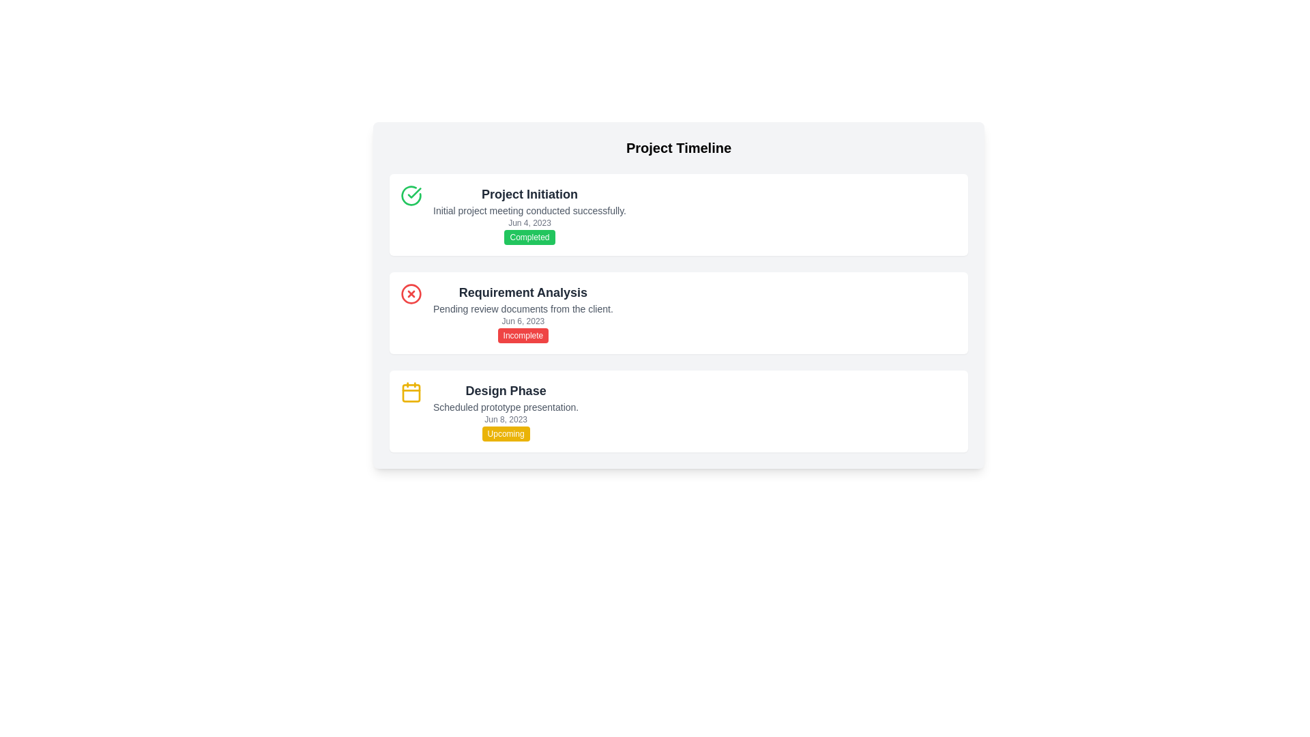 The image size is (1310, 737). What do you see at coordinates (678, 410) in the screenshot?
I see `the yellow badge labeled 'Upcoming' within the Timeline entry for 'Design Phase'` at bounding box center [678, 410].